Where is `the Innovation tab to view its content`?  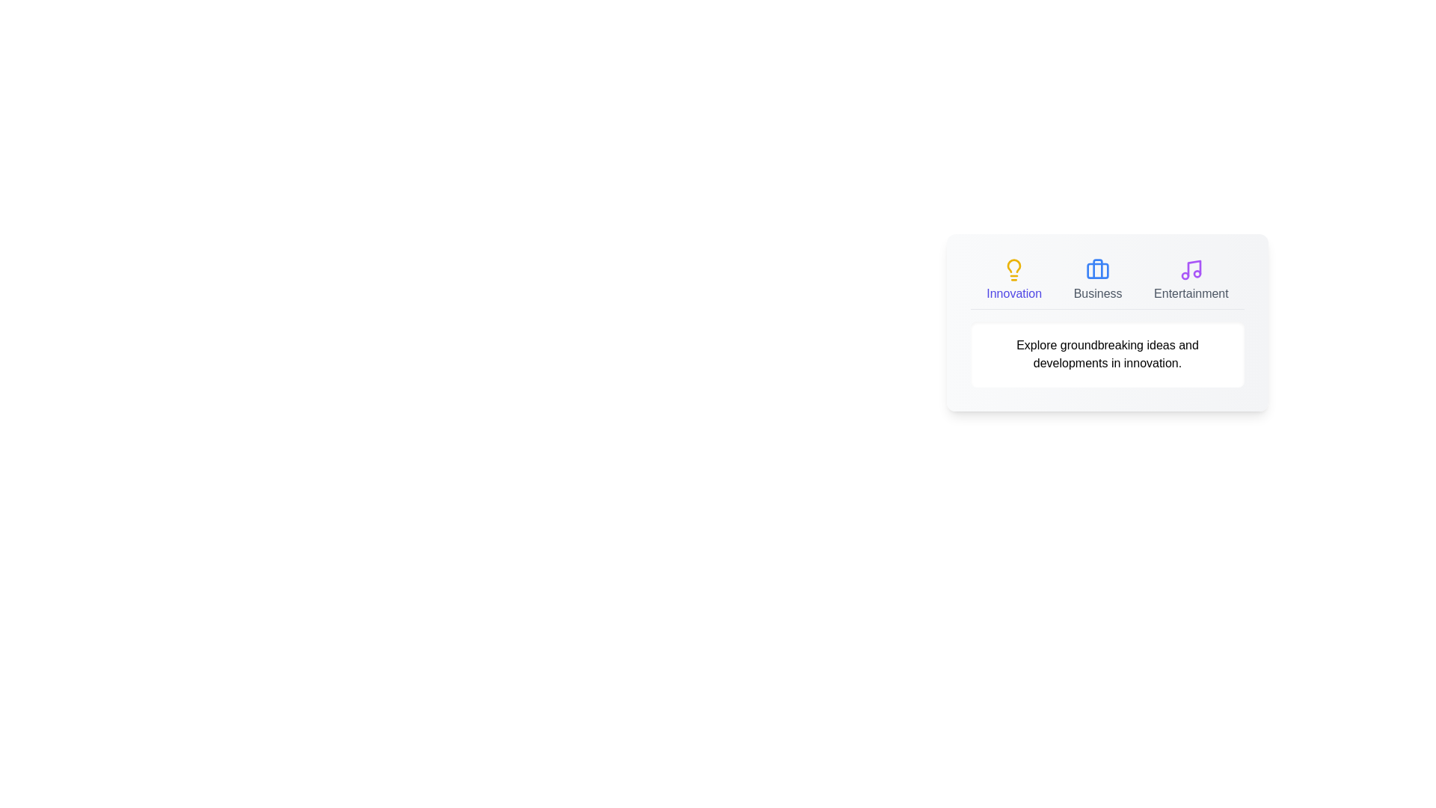
the Innovation tab to view its content is located at coordinates (1014, 280).